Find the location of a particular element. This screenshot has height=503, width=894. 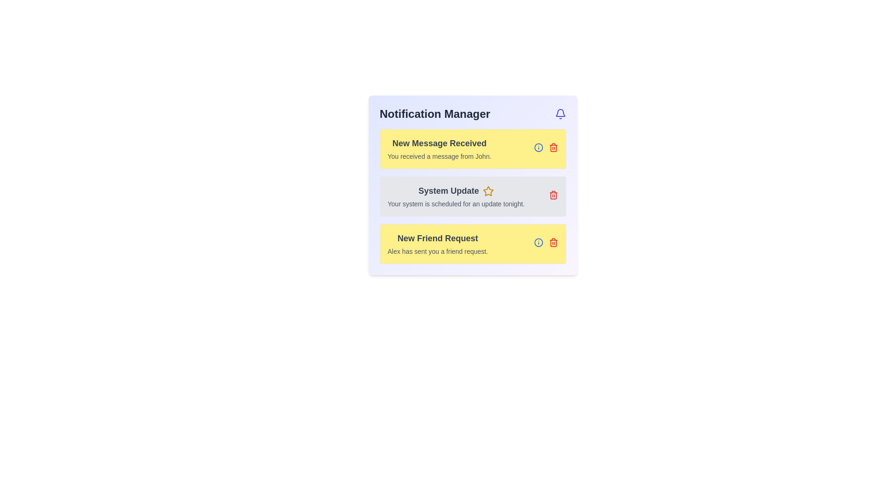

text in the Notification block titled 'New Message Received' with a message from John, which is the uppermost notification in the Notification Manager is located at coordinates (439, 149).